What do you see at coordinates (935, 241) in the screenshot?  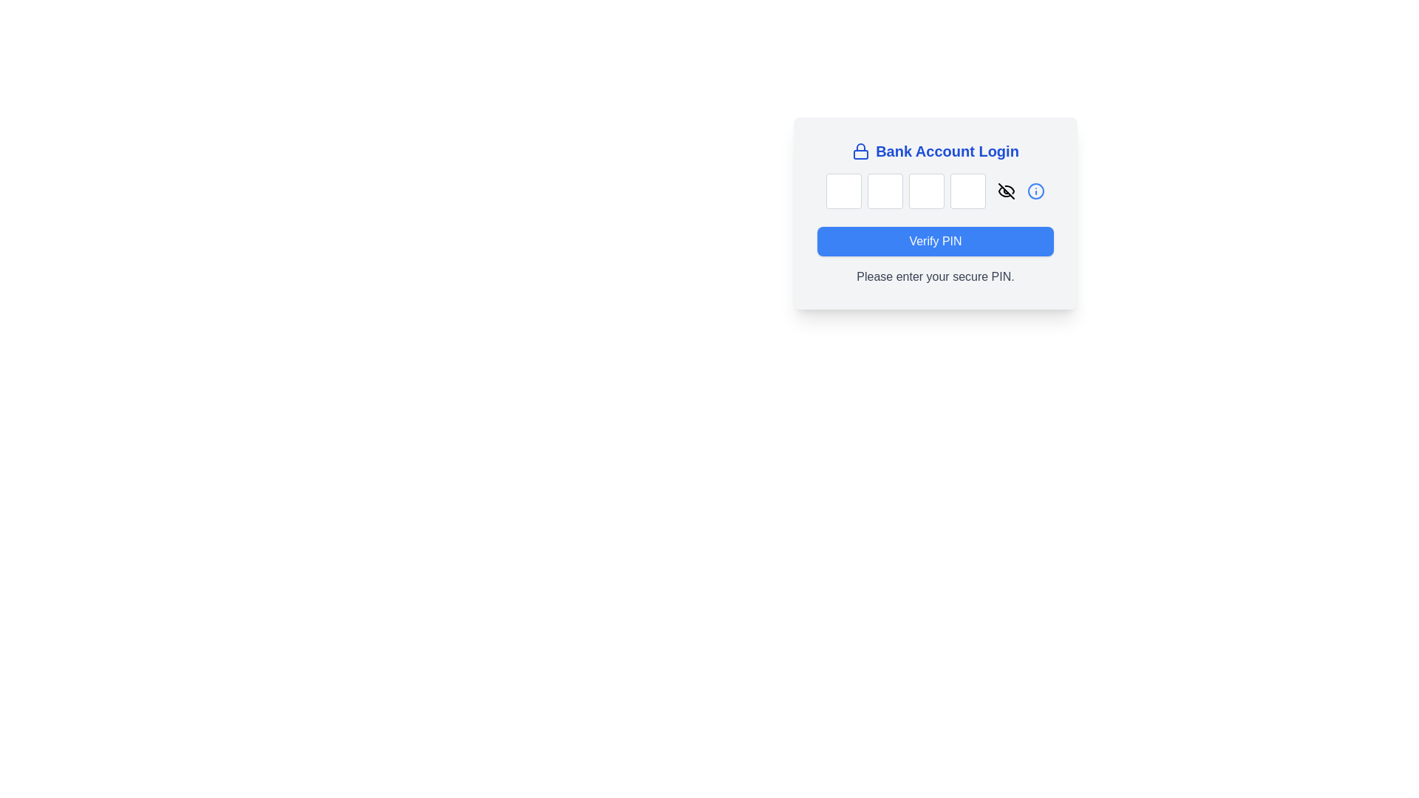 I see `the 'Verify PIN' button located below the PIN input fields` at bounding box center [935, 241].